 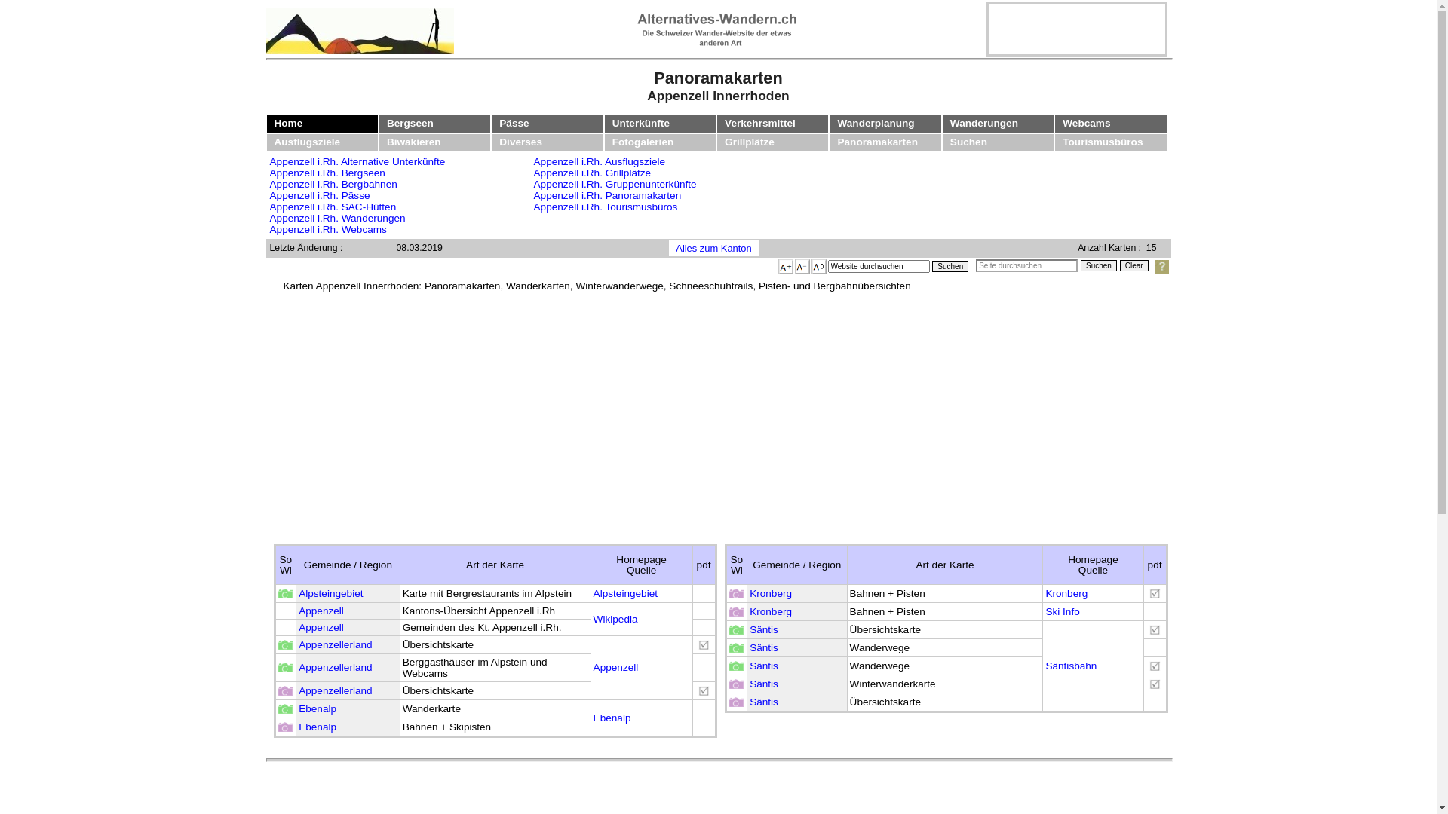 What do you see at coordinates (307, 142) in the screenshot?
I see `'Ausflugsziele'` at bounding box center [307, 142].